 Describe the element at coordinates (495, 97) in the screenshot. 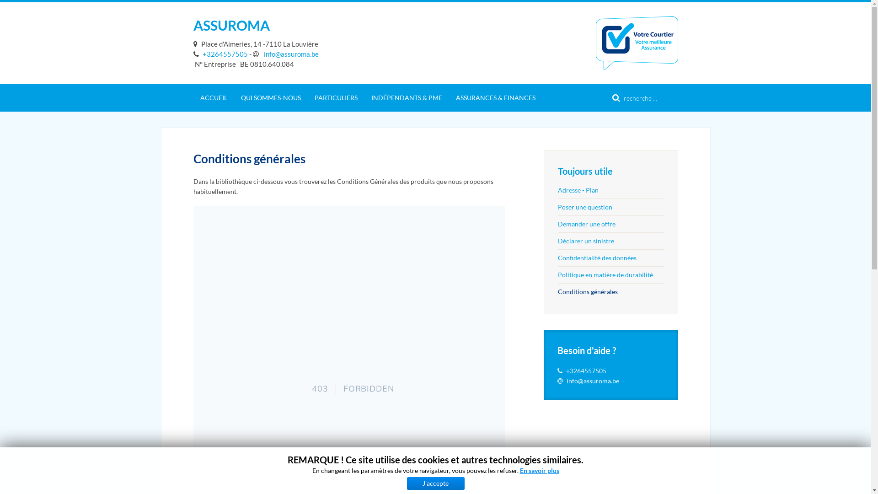

I see `'ASSURANCES & FINANCES'` at that location.